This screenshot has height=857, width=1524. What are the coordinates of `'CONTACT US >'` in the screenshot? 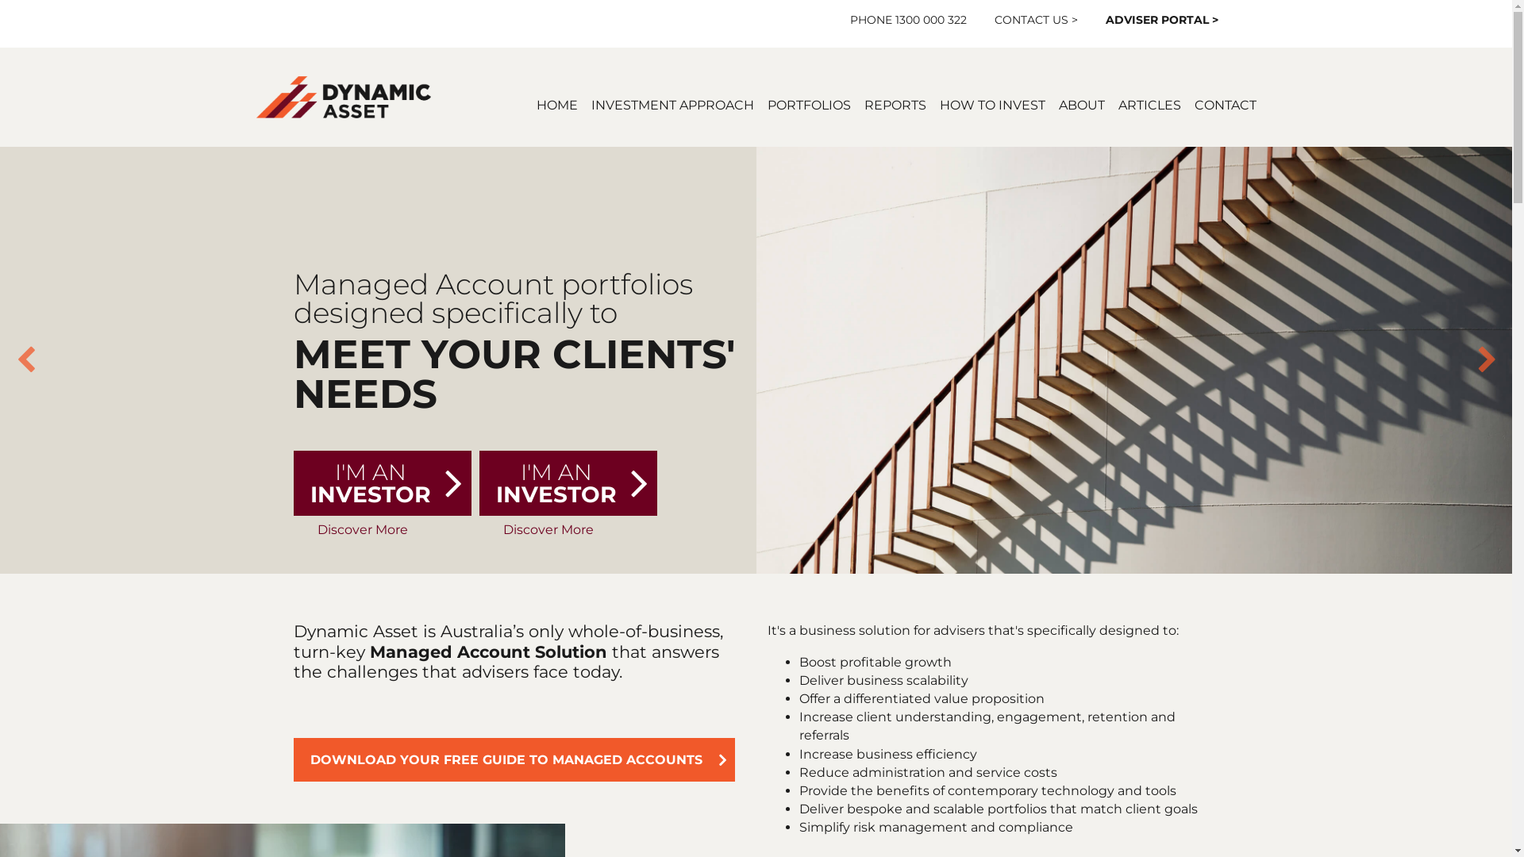 It's located at (993, 19).